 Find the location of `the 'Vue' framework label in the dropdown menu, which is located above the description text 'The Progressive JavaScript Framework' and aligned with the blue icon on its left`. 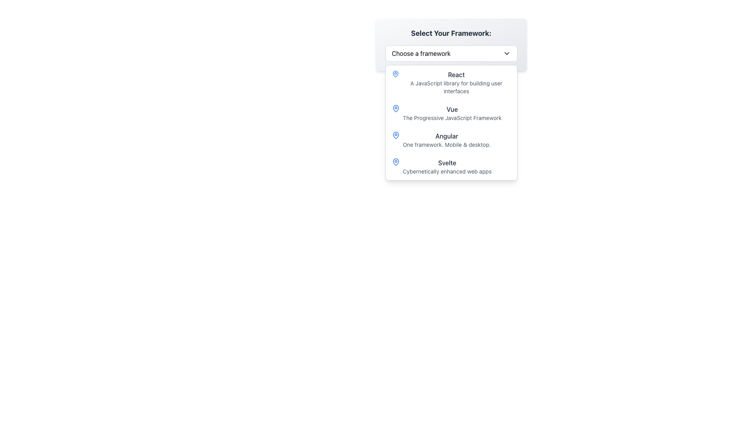

the 'Vue' framework label in the dropdown menu, which is located above the description text 'The Progressive JavaScript Framework' and aligned with the blue icon on its left is located at coordinates (452, 109).